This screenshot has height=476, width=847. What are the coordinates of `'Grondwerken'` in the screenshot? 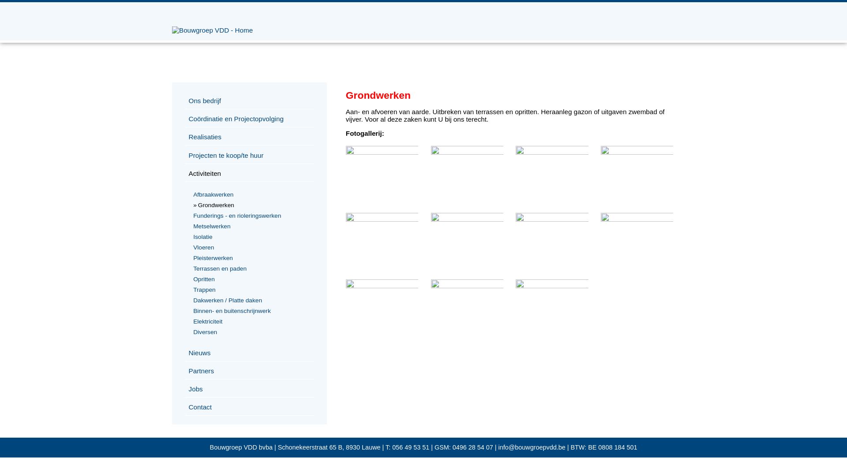 It's located at (637, 152).